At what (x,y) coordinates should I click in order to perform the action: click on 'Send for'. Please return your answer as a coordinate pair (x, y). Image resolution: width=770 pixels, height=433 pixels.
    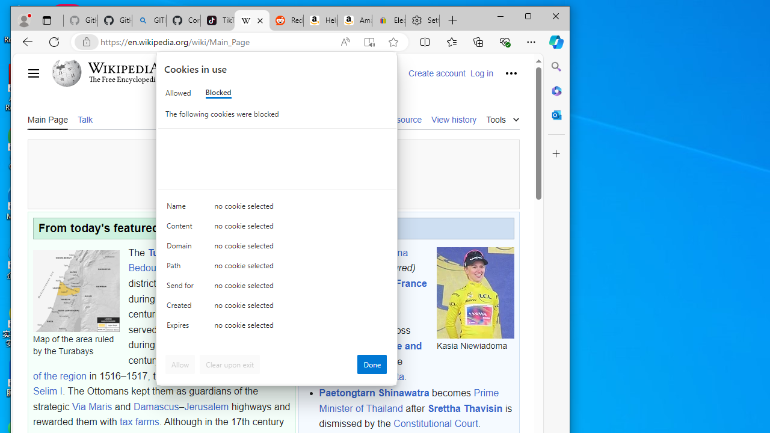
    Looking at the image, I should click on (181, 288).